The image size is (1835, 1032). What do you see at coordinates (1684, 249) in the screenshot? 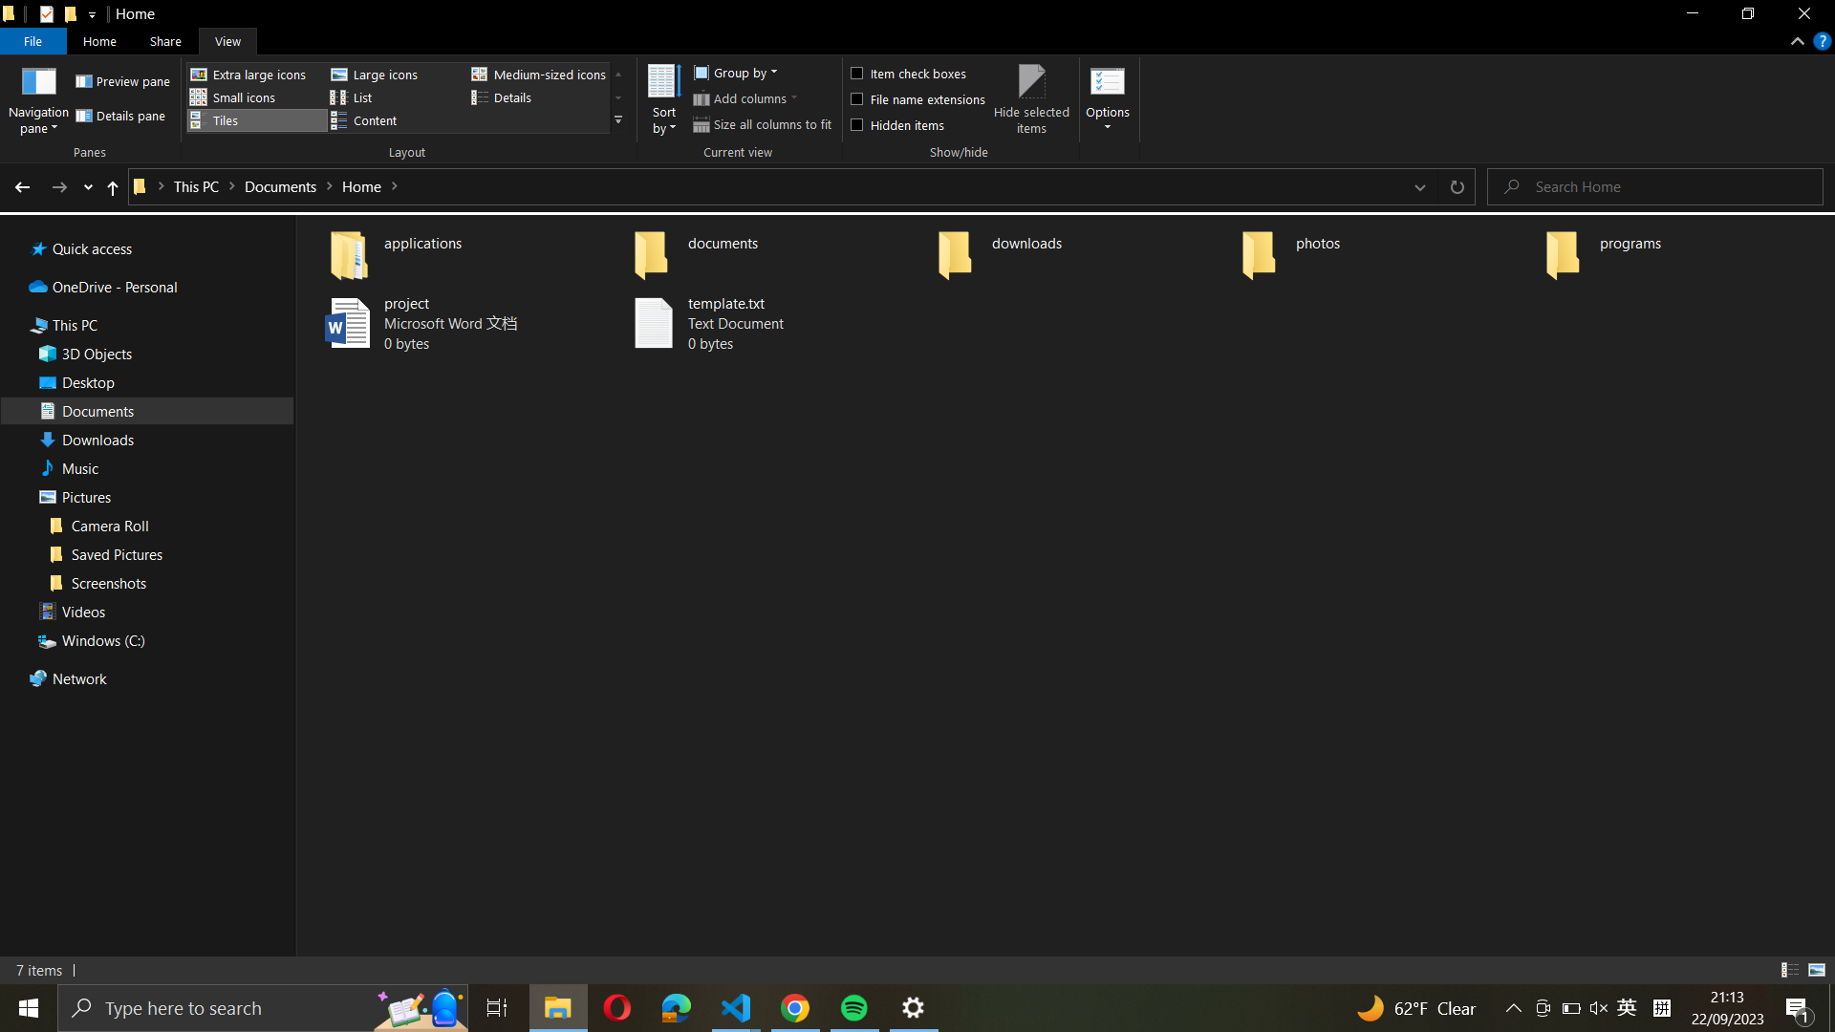
I see `the "programs" directory` at bounding box center [1684, 249].